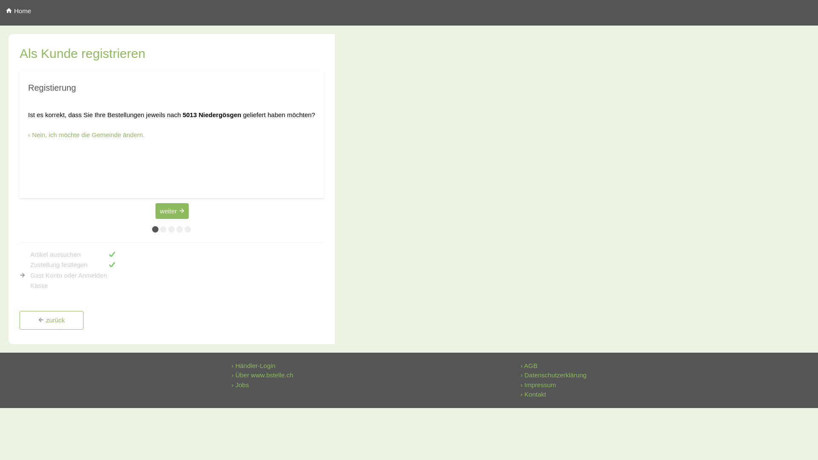 The height and width of the screenshot is (460, 818). What do you see at coordinates (0, 11) in the screenshot?
I see `'Home'` at bounding box center [0, 11].